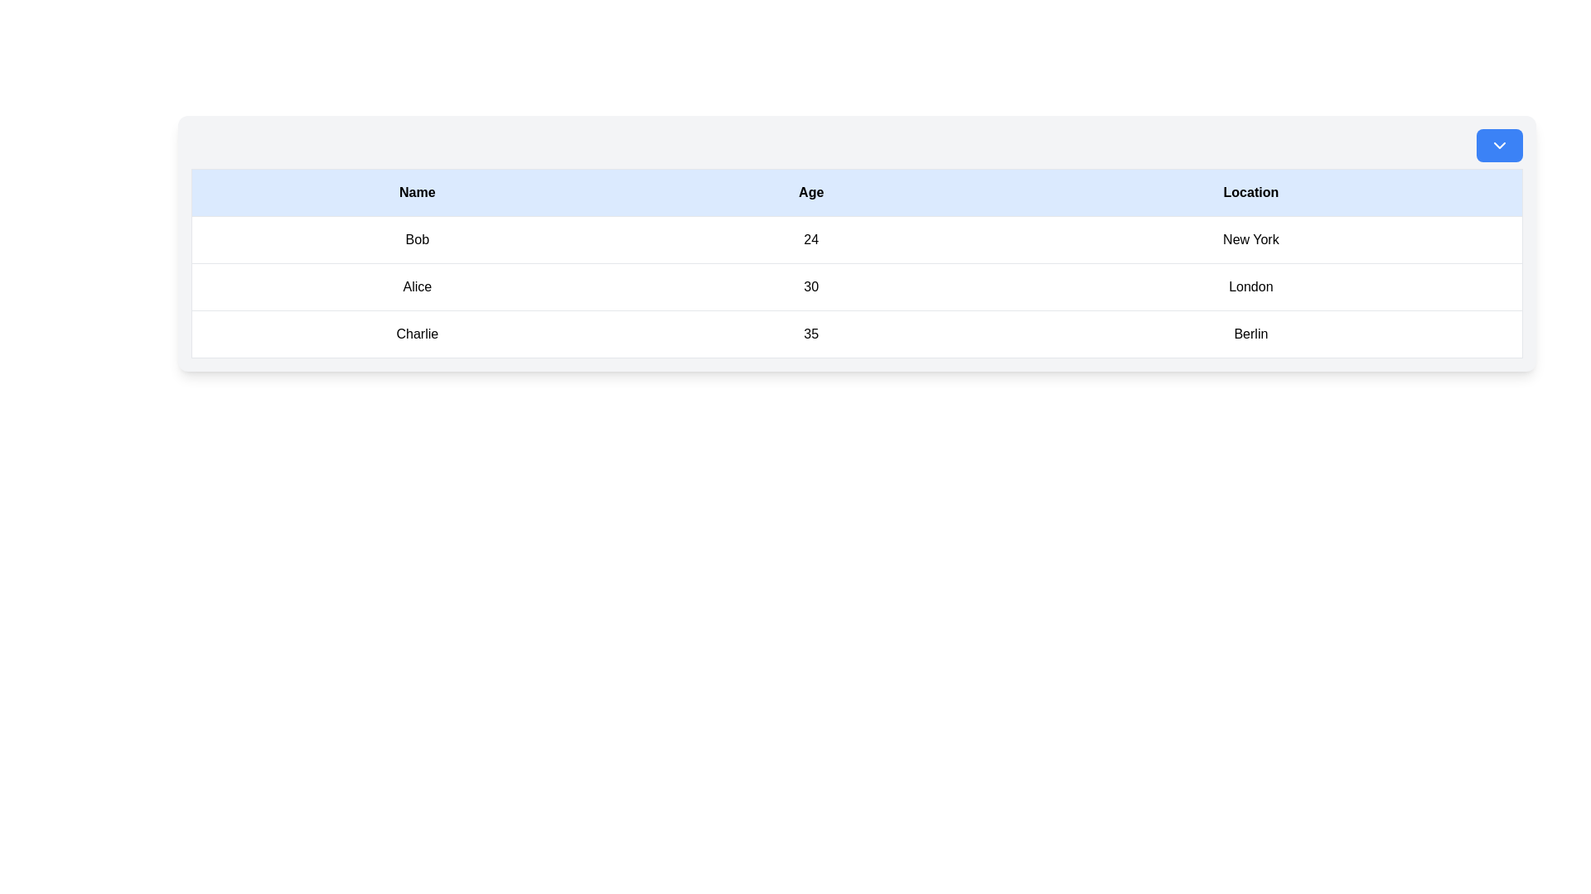 The image size is (1591, 894). I want to click on text label 'Charlie' located in the first column of the last visible row in the table, so click(417, 334).